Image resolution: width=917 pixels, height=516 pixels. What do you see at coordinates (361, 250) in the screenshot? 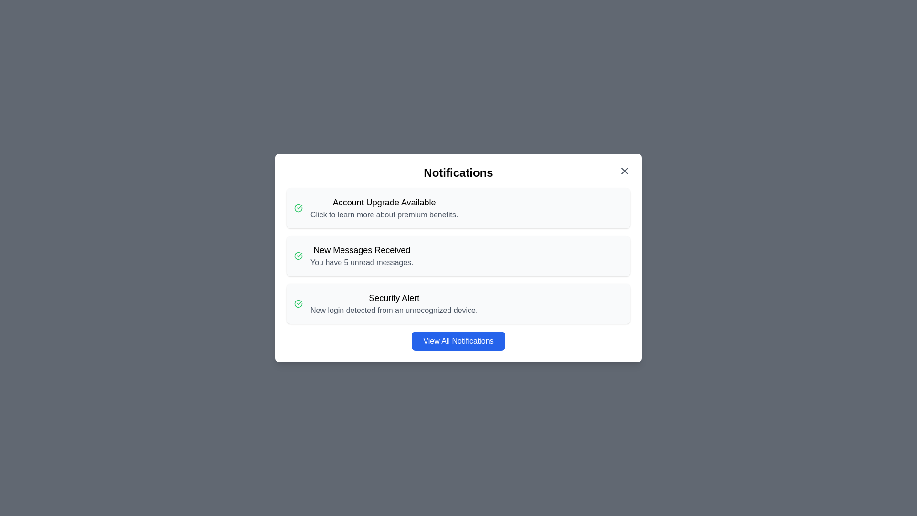
I see `the Text Label, which serves as the title for the second notification item summarizing the notification's content, located above 'You have 5 unread messages.'` at bounding box center [361, 250].